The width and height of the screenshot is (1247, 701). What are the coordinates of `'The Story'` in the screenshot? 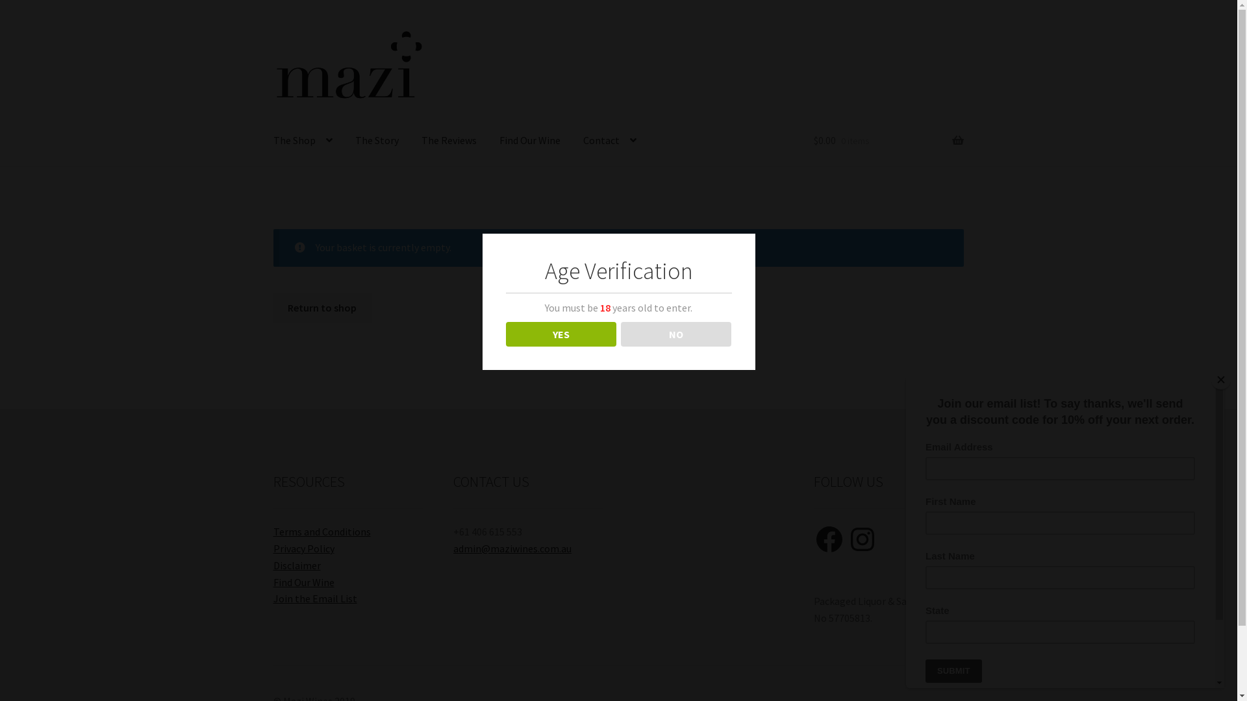 It's located at (376, 140).